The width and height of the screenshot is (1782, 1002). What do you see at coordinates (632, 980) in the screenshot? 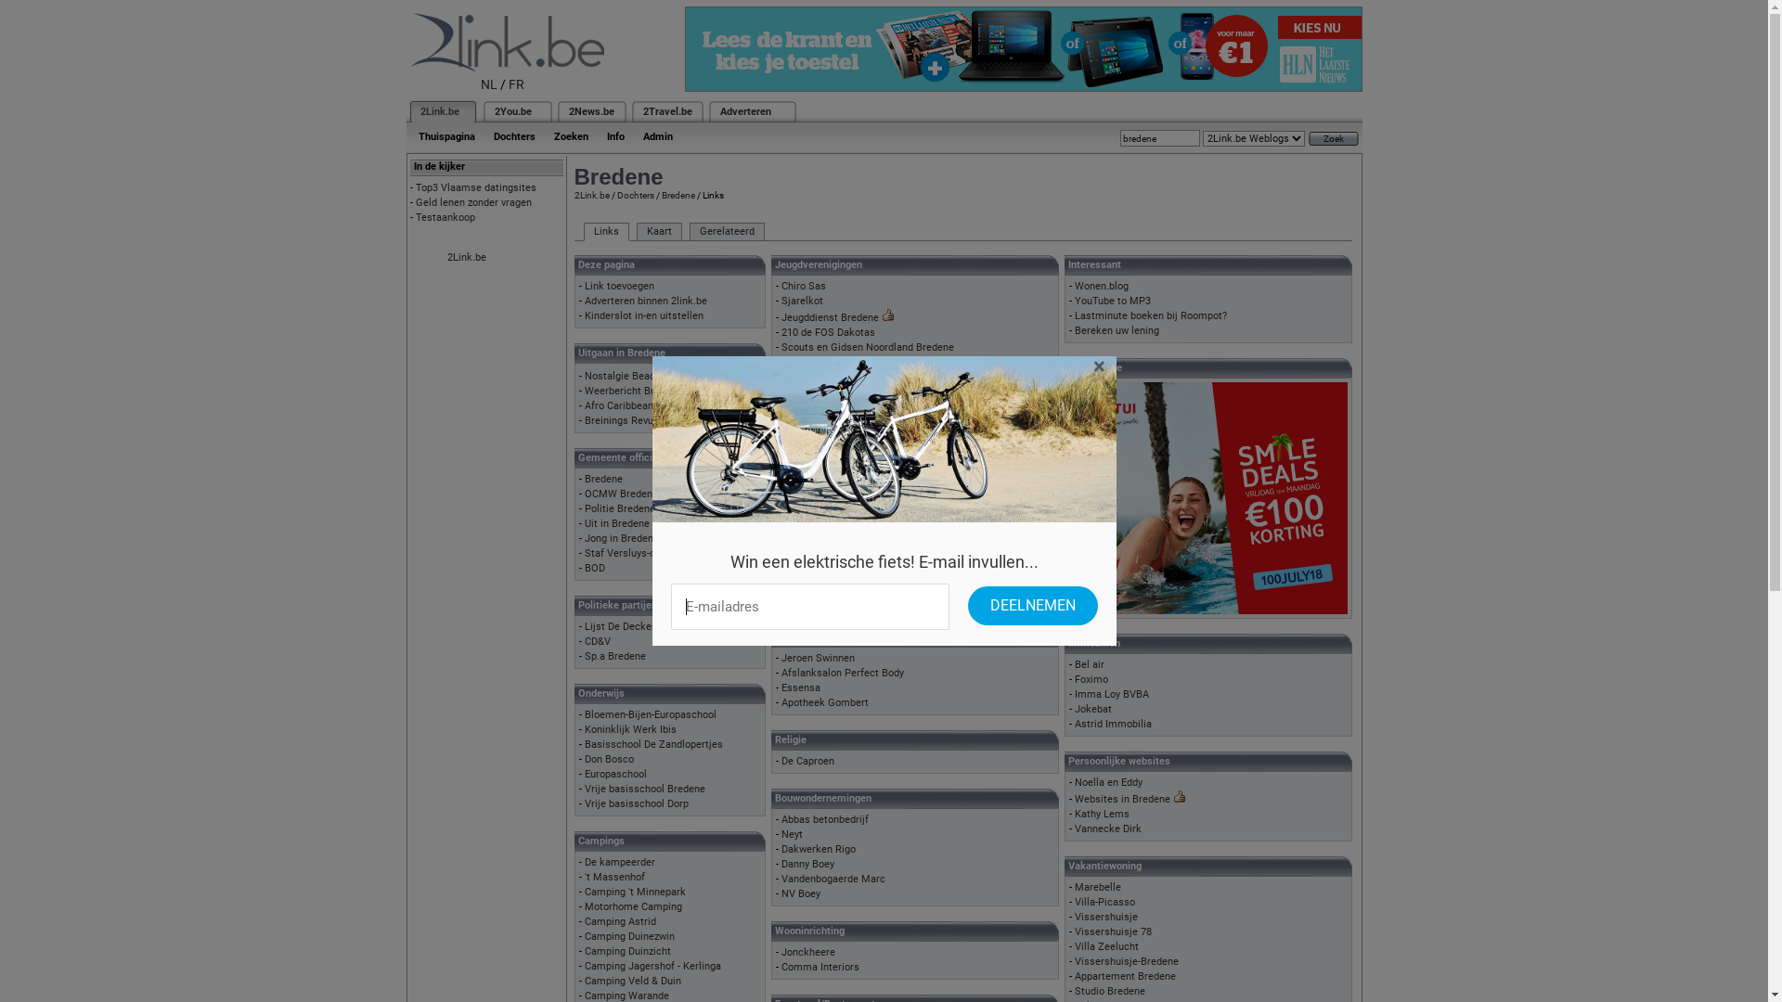
I see `'Camping Veld & Duin'` at bounding box center [632, 980].